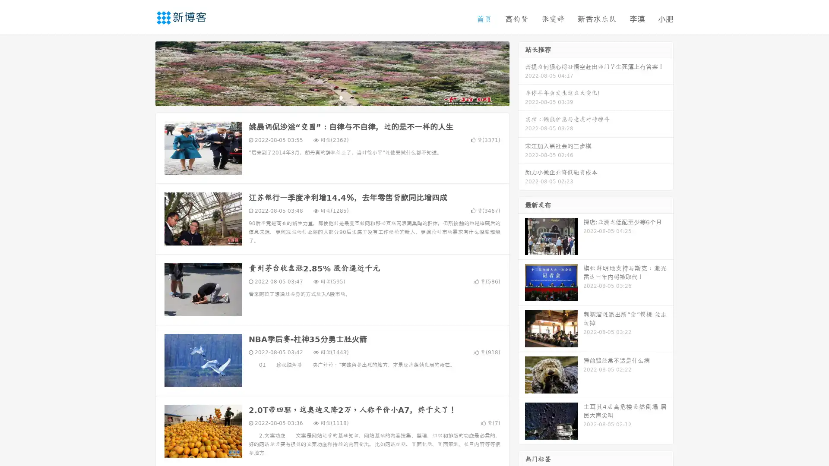 The height and width of the screenshot is (466, 829). Describe the element at coordinates (332, 97) in the screenshot. I see `Go to slide 2` at that location.